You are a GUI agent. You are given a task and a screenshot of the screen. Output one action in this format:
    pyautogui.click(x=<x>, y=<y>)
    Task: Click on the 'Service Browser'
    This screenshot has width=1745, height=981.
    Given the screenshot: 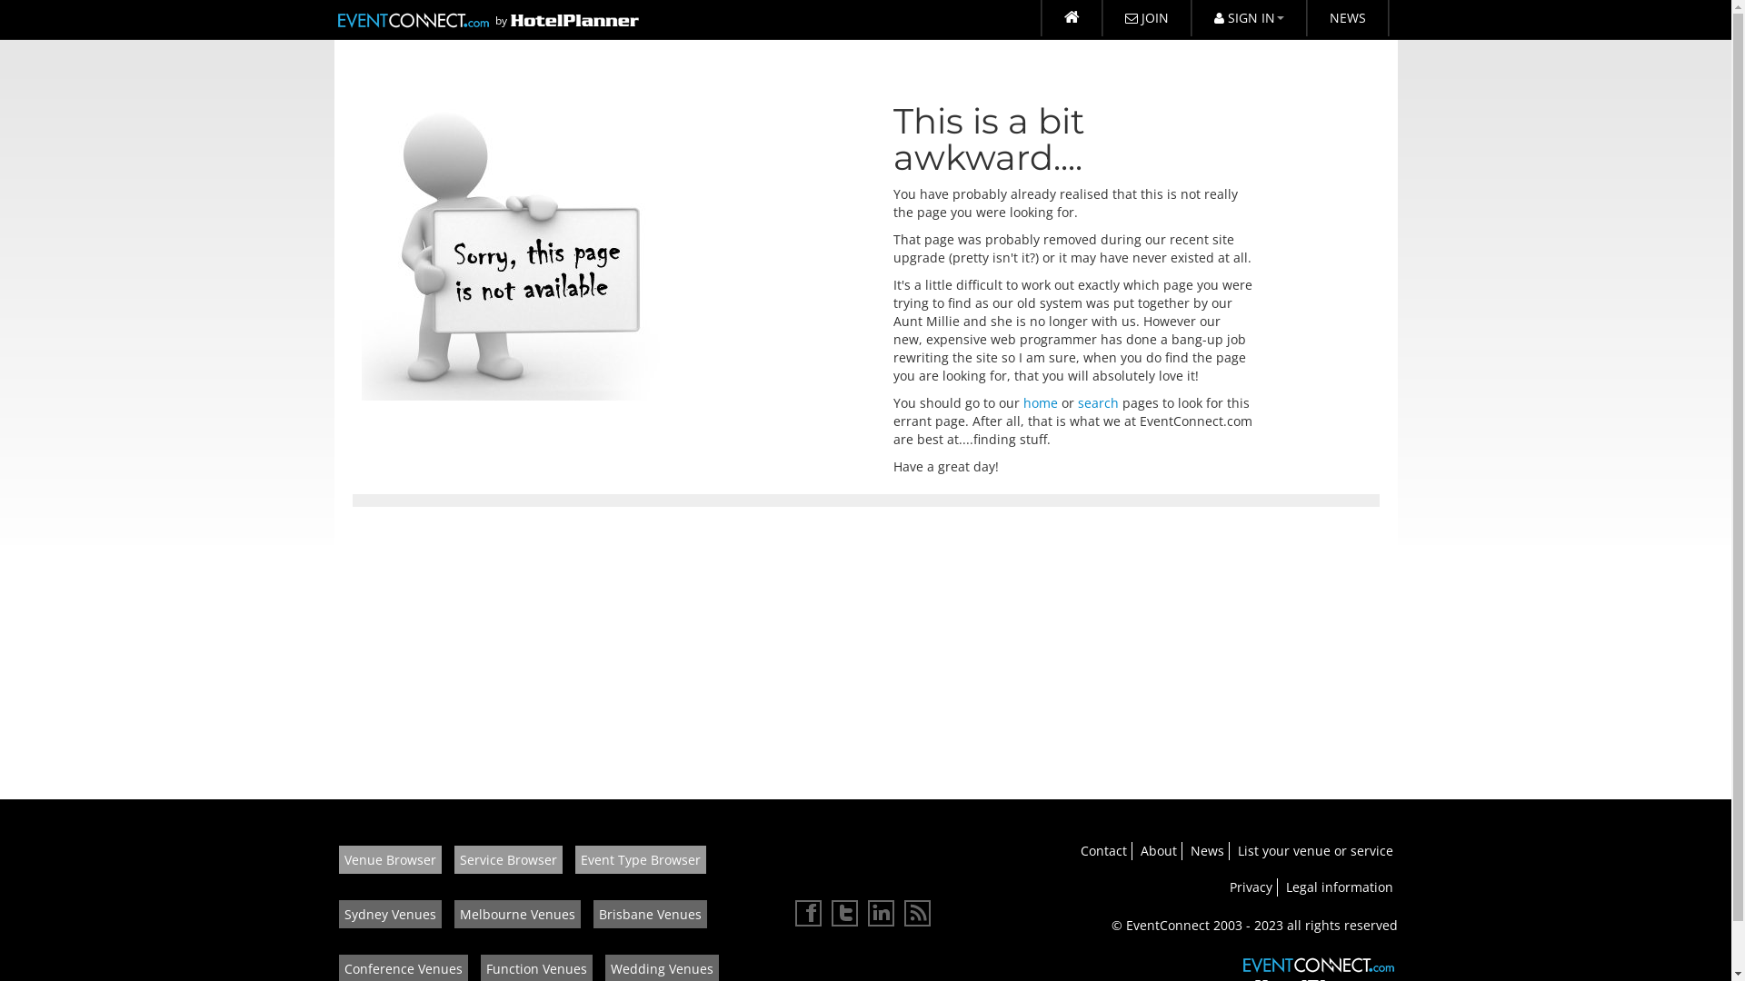 What is the action you would take?
    pyautogui.click(x=508, y=858)
    